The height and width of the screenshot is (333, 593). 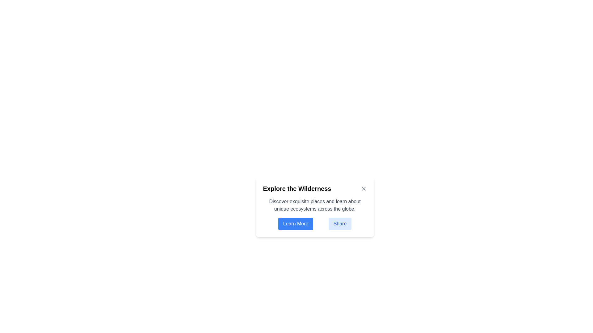 What do you see at coordinates (315, 205) in the screenshot?
I see `the informational text element located below the header 'Explore the Wilderness' and above the buttons 'Learn More' and 'Share'` at bounding box center [315, 205].